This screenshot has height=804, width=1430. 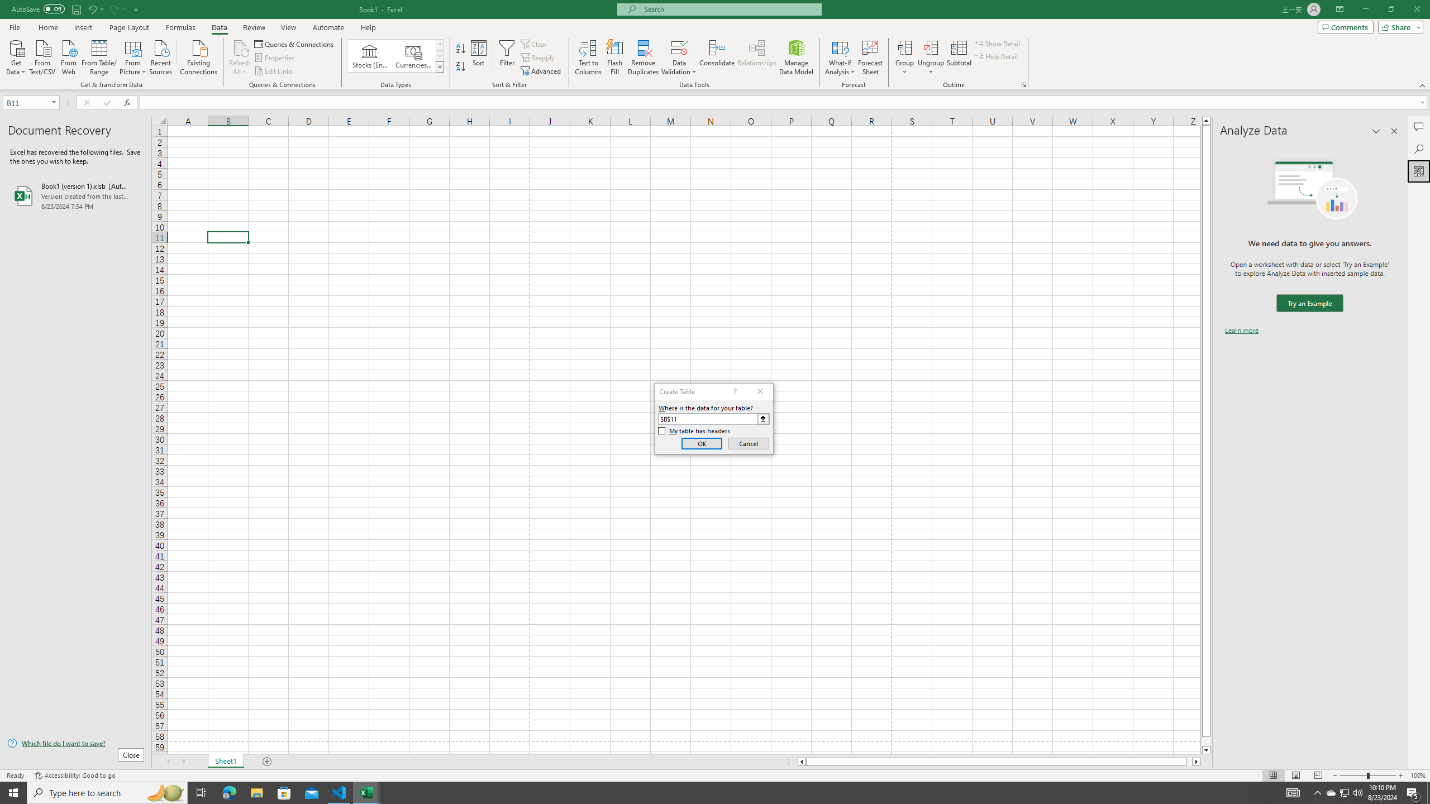 I want to click on 'Customize Quick Access Toolbar', so click(x=136, y=8).